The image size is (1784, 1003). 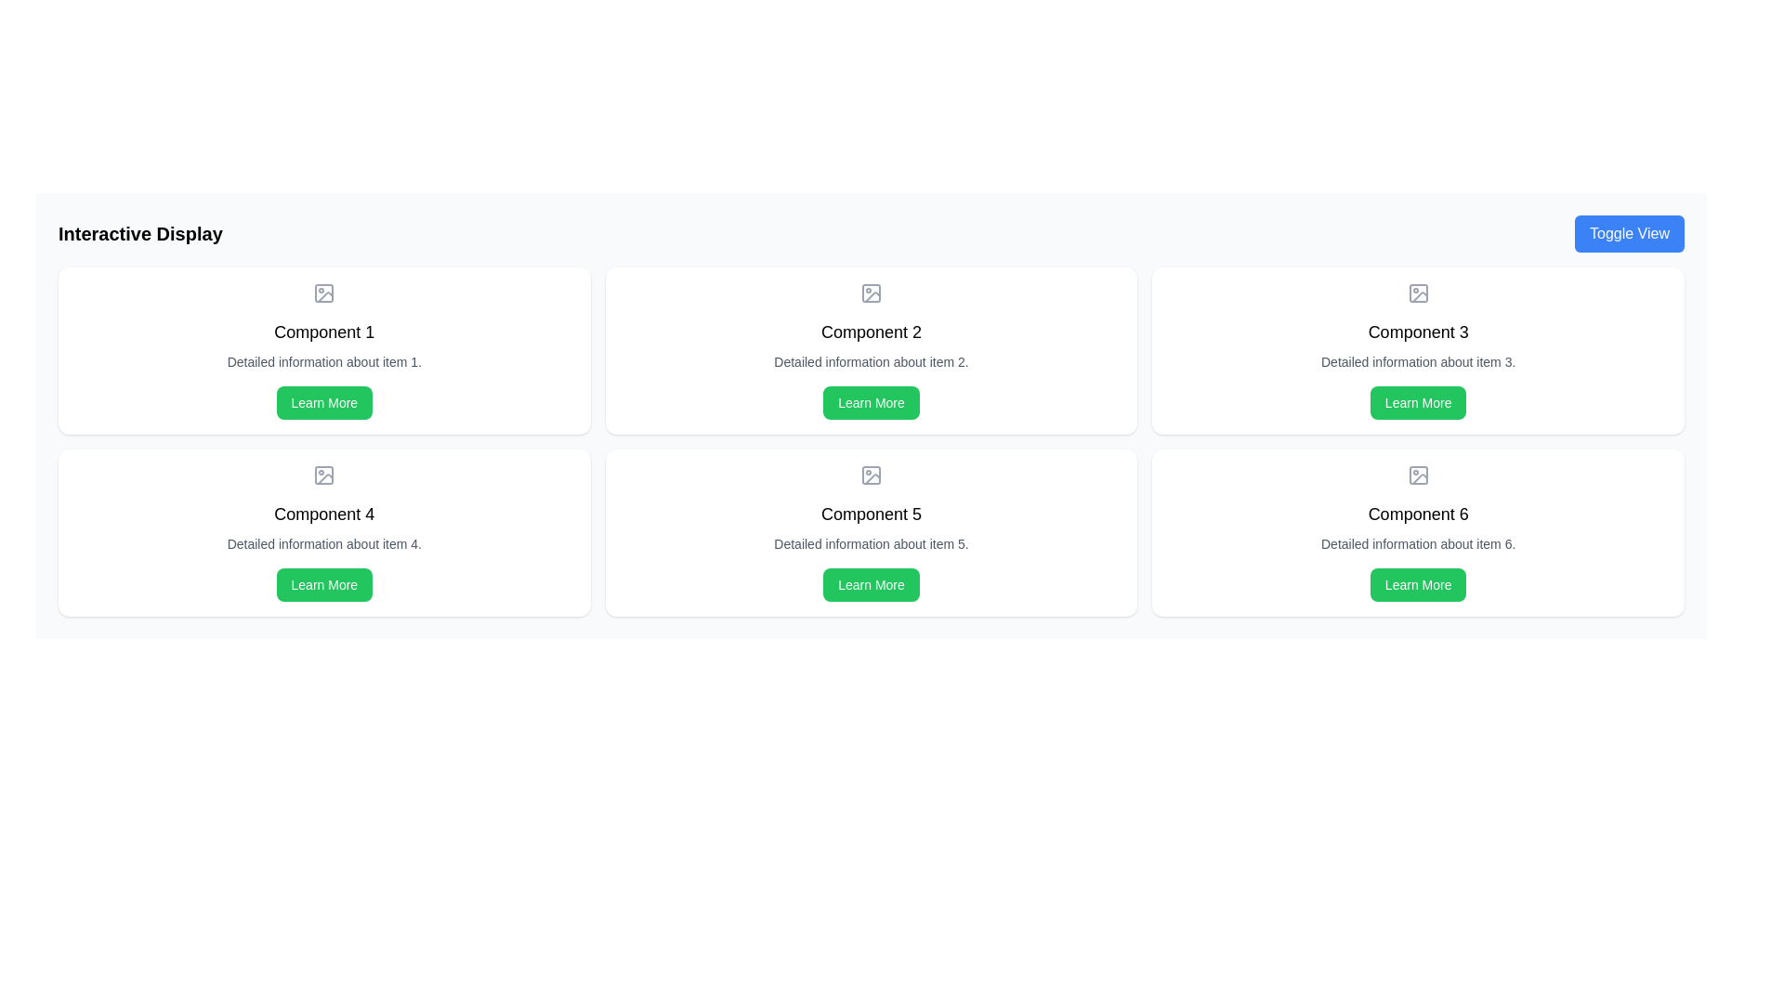 I want to click on the button located at the bottom center of 'Component 4', beneath the text 'Detailed information about item 4.', so click(x=324, y=583).